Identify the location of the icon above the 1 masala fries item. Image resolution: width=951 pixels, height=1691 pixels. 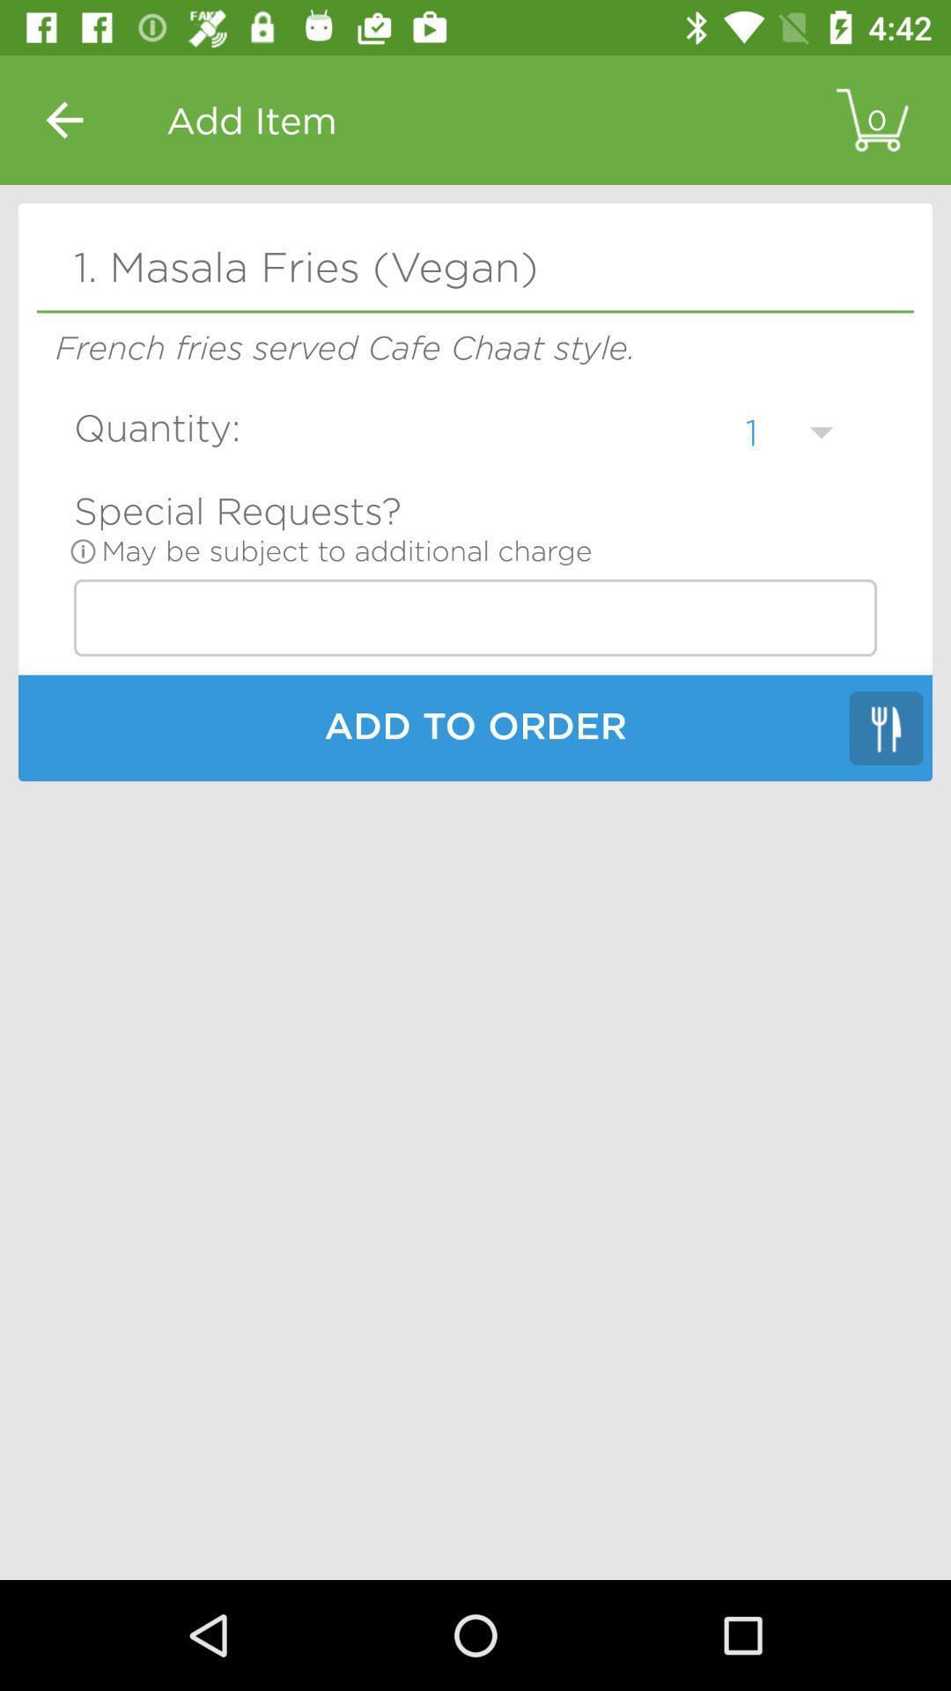
(63, 119).